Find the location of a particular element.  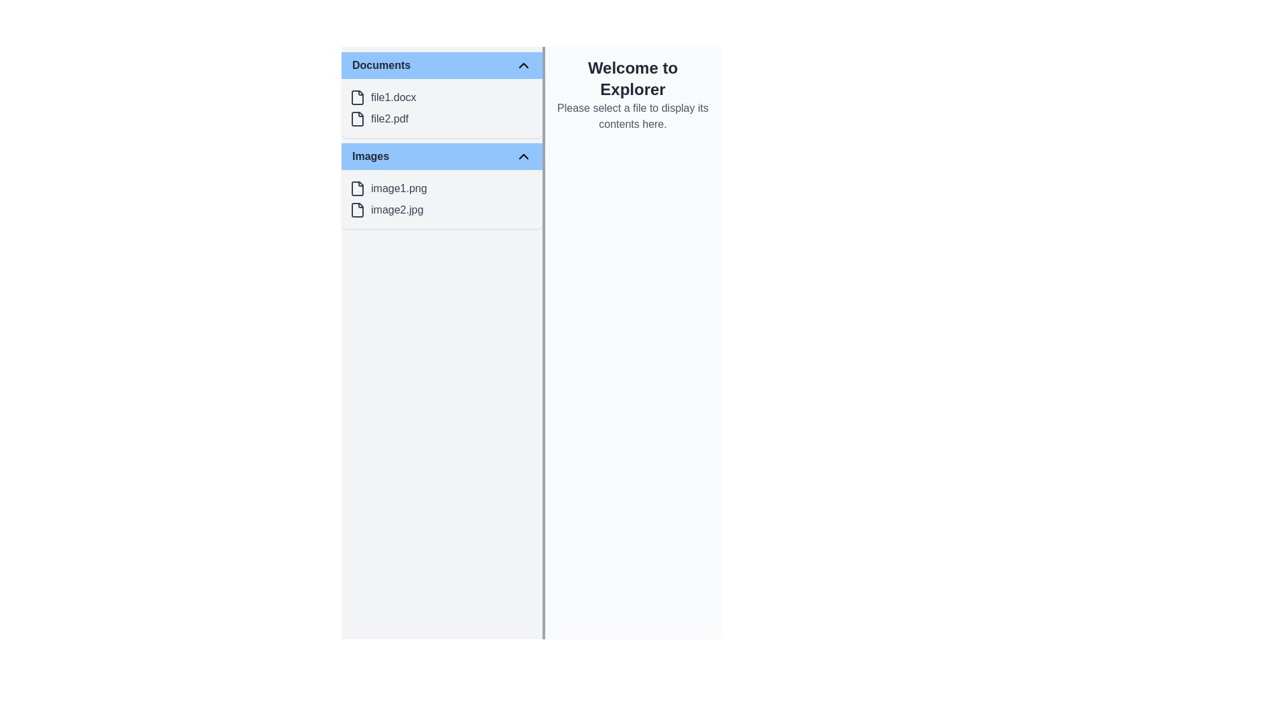

the file icon representing 'file1.docx' located in the upper section of the left-hand pane under the 'Documents' section is located at coordinates (357, 97).